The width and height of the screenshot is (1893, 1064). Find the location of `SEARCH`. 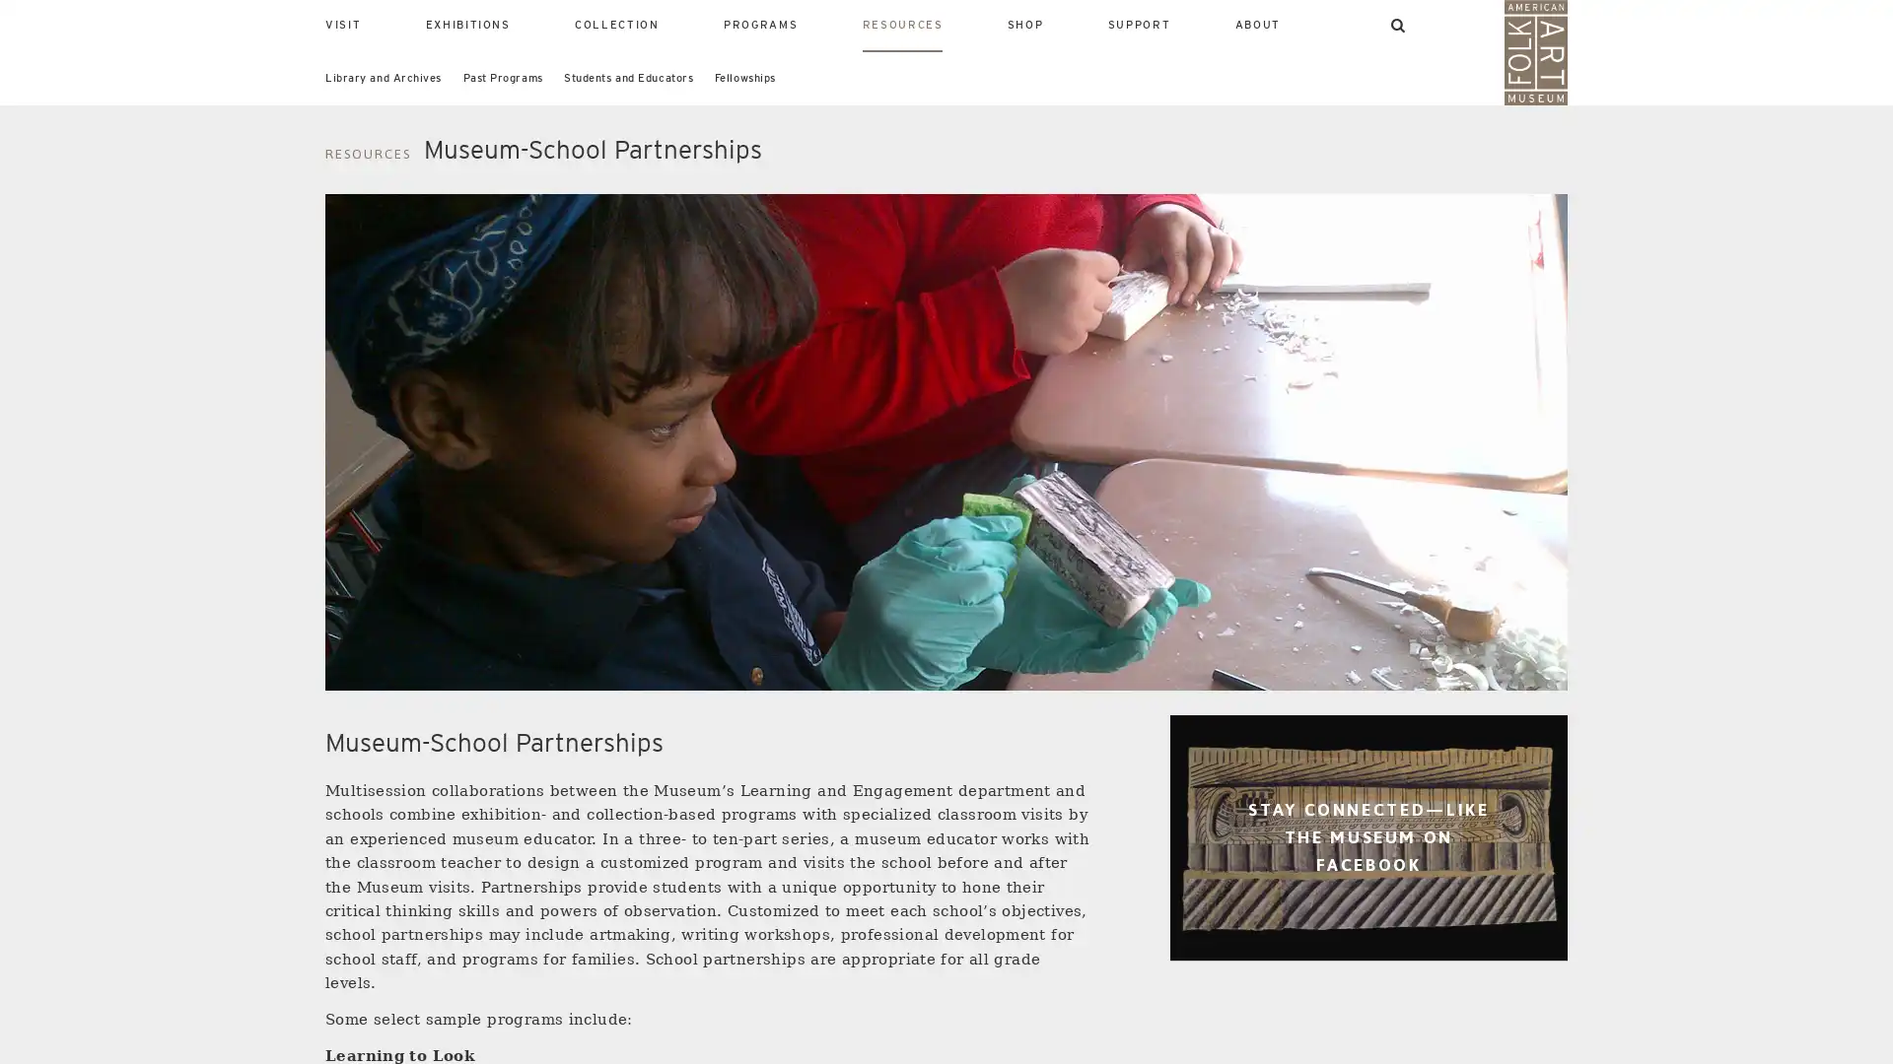

SEARCH is located at coordinates (1516, 144).